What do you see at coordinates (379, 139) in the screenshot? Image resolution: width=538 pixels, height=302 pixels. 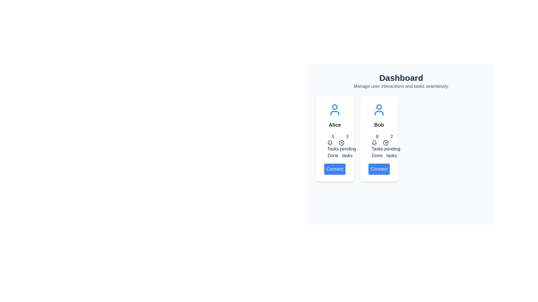 I see `the second profile card, which displays the user's name and task counts` at bounding box center [379, 139].